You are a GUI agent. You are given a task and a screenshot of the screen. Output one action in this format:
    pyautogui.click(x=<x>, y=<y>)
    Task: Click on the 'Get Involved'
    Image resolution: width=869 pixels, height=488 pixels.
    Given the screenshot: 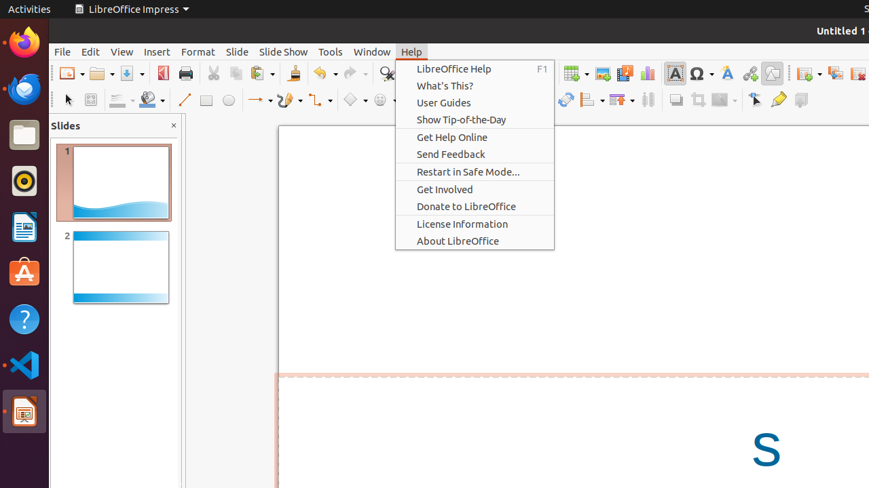 What is the action you would take?
    pyautogui.click(x=475, y=189)
    